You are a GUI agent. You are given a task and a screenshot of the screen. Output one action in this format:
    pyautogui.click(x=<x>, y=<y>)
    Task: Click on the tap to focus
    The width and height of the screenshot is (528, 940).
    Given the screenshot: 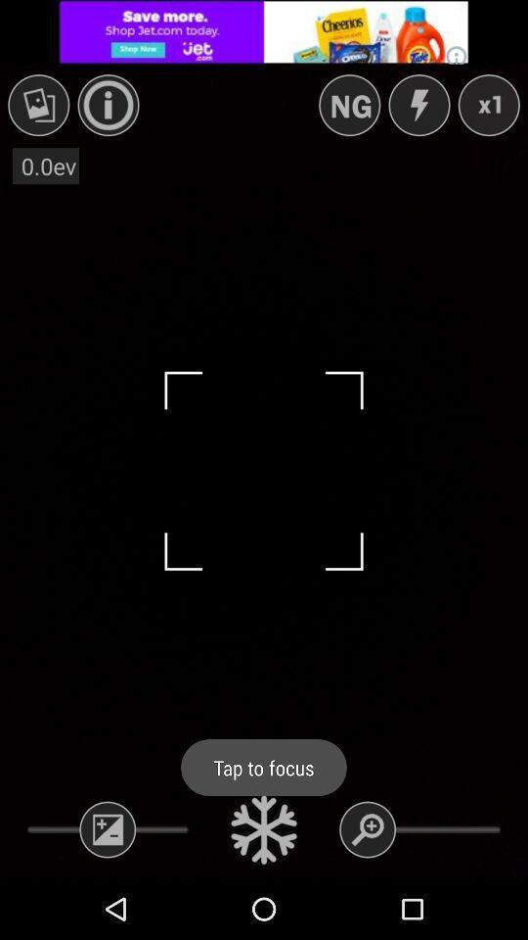 What is the action you would take?
    pyautogui.click(x=264, y=828)
    